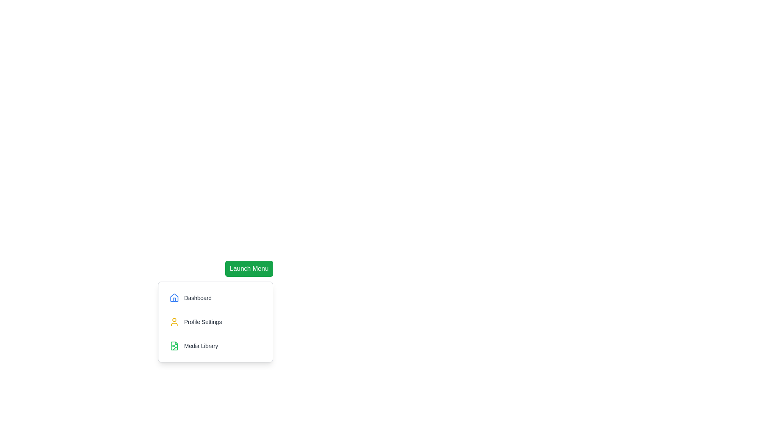 The image size is (768, 432). I want to click on the 'Dashboard' button, which is the first item in the vertical menu, so click(216, 298).